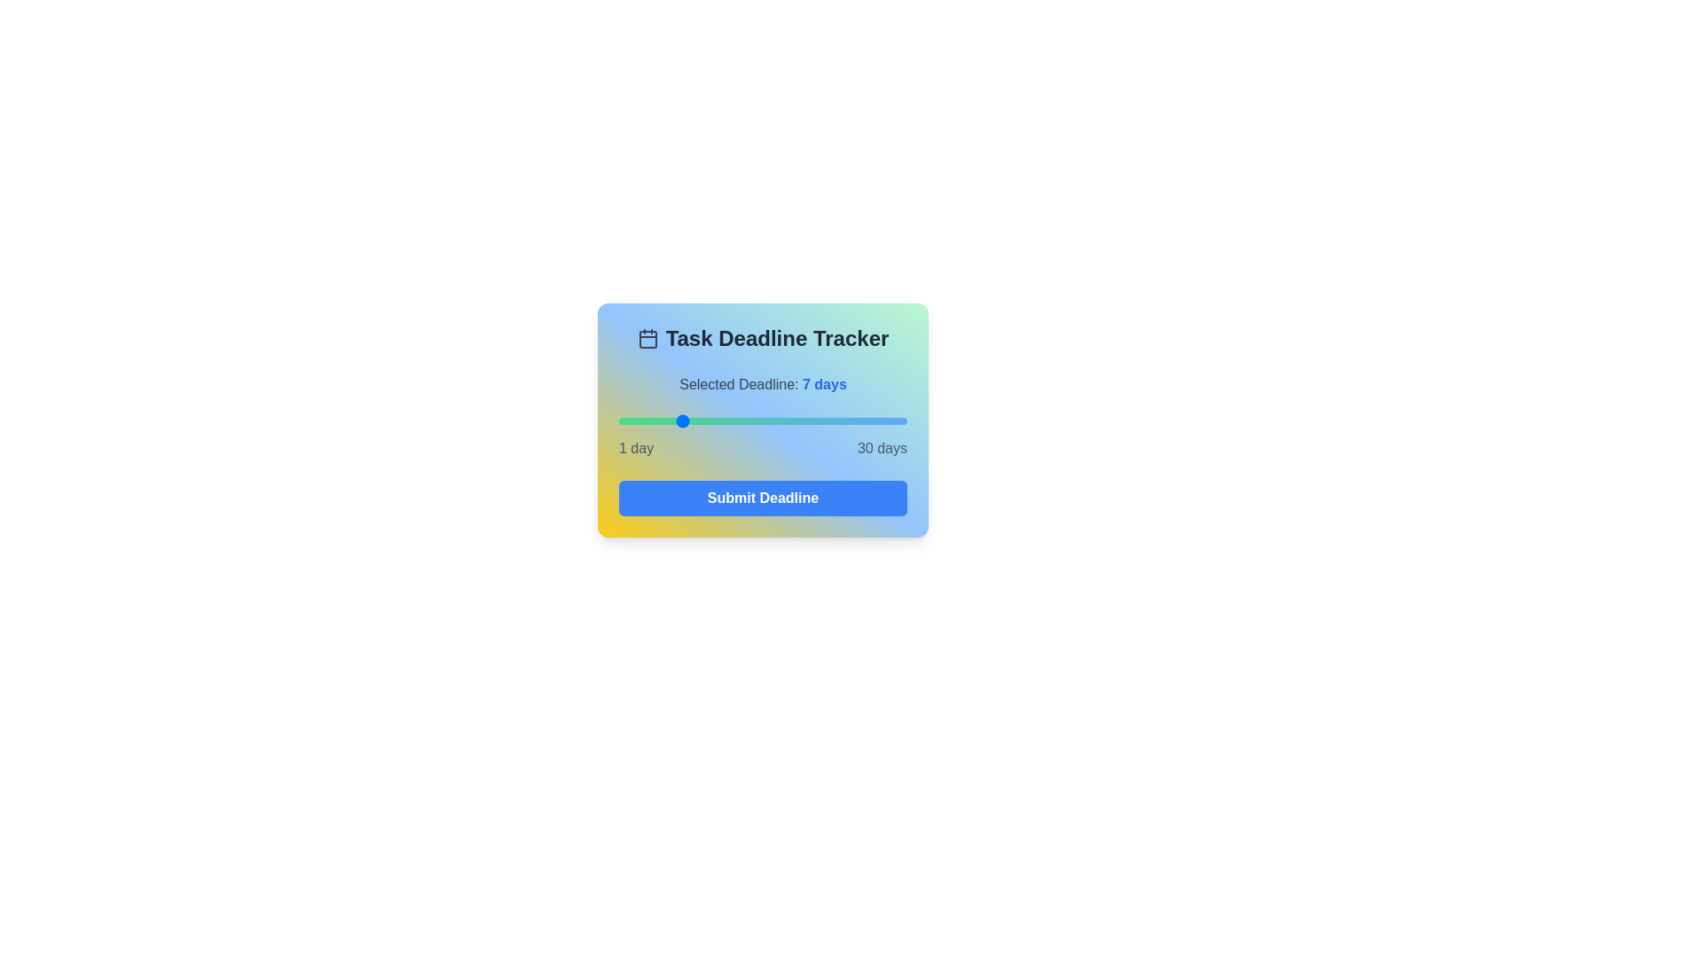 This screenshot has height=958, width=1703. Describe the element at coordinates (787, 420) in the screenshot. I see `the deadline to 18 days using the slider` at that location.